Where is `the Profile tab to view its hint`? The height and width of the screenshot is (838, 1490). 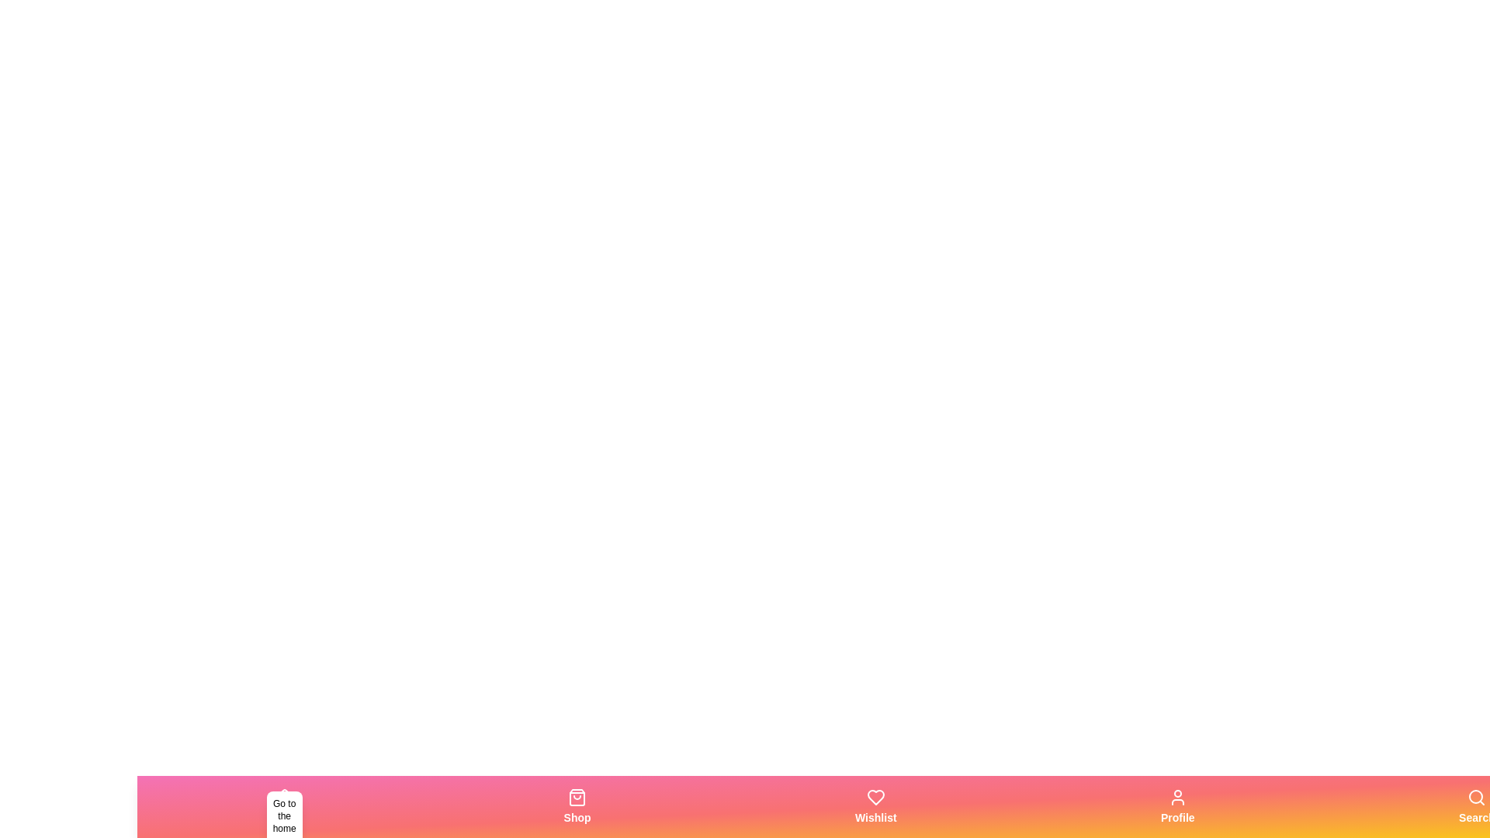 the Profile tab to view its hint is located at coordinates (1177, 806).